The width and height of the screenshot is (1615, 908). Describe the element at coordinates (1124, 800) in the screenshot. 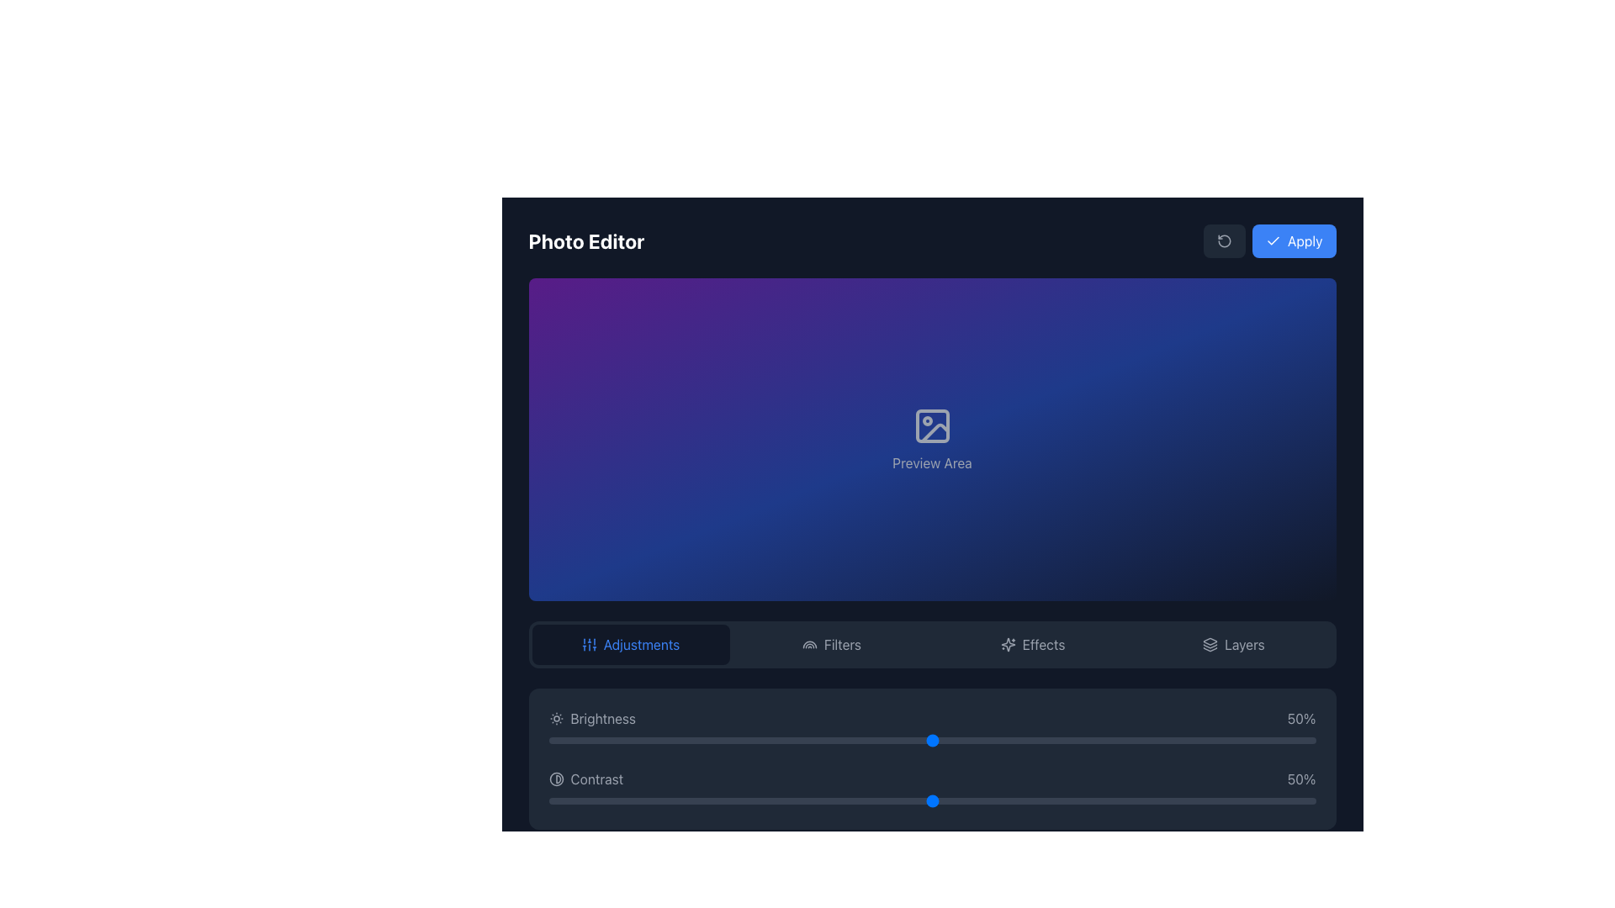

I see `the contrast` at that location.